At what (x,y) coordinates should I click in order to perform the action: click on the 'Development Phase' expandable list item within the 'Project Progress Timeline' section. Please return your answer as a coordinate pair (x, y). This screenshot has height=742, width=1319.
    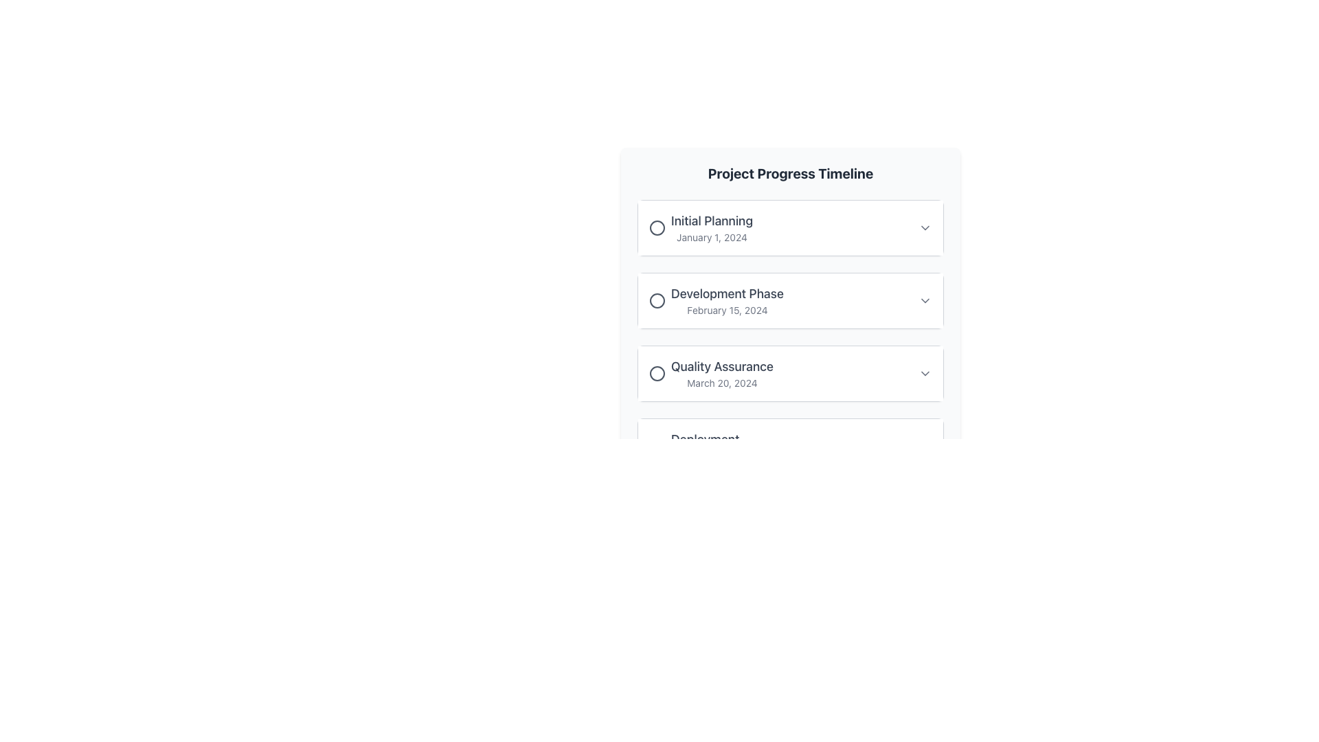
    Looking at the image, I should click on (791, 300).